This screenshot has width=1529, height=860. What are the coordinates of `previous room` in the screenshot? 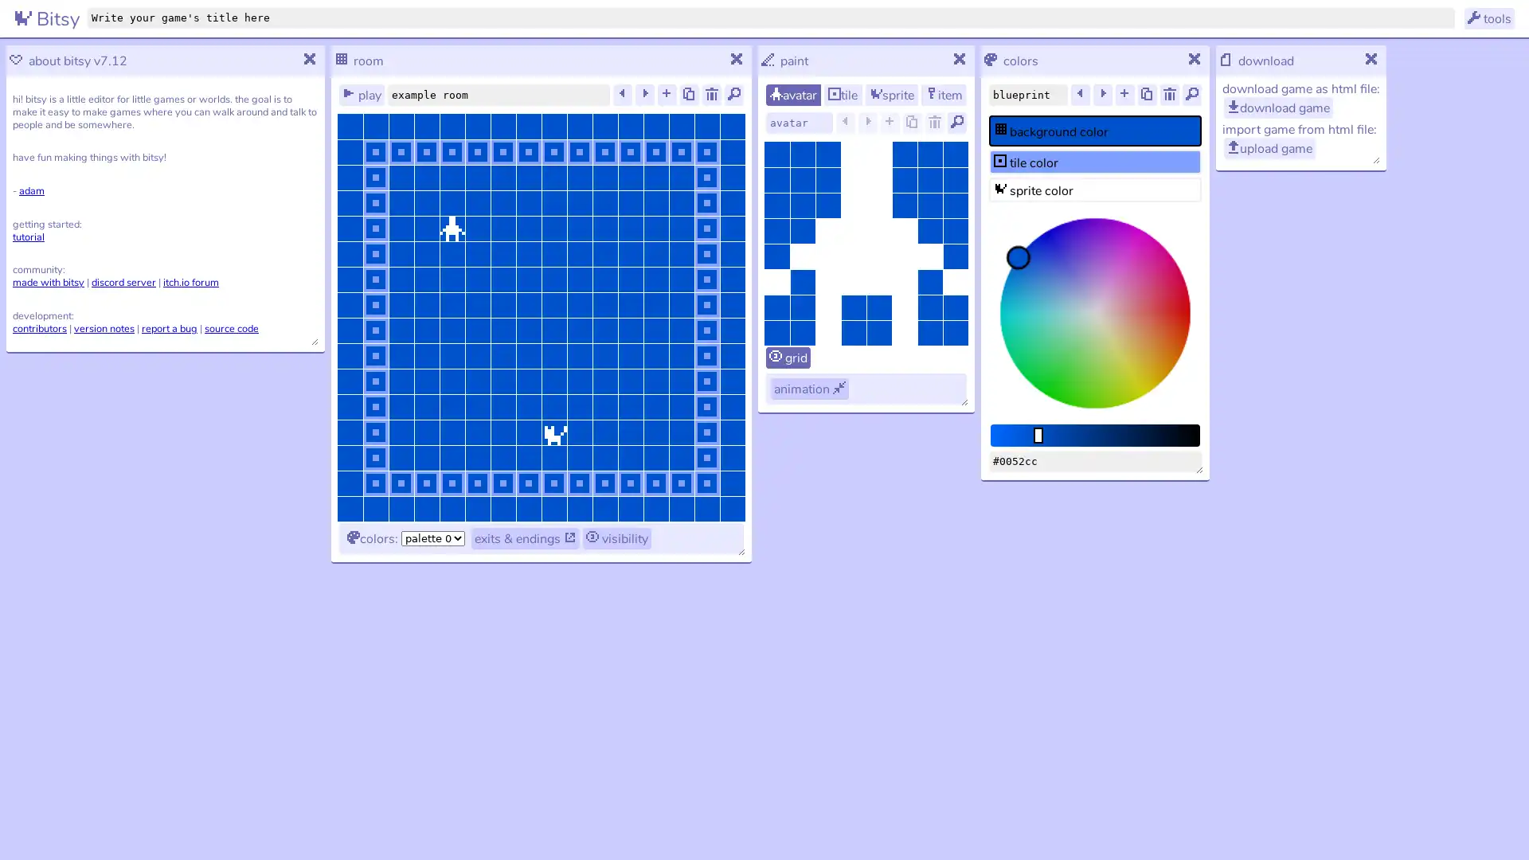 It's located at (622, 95).